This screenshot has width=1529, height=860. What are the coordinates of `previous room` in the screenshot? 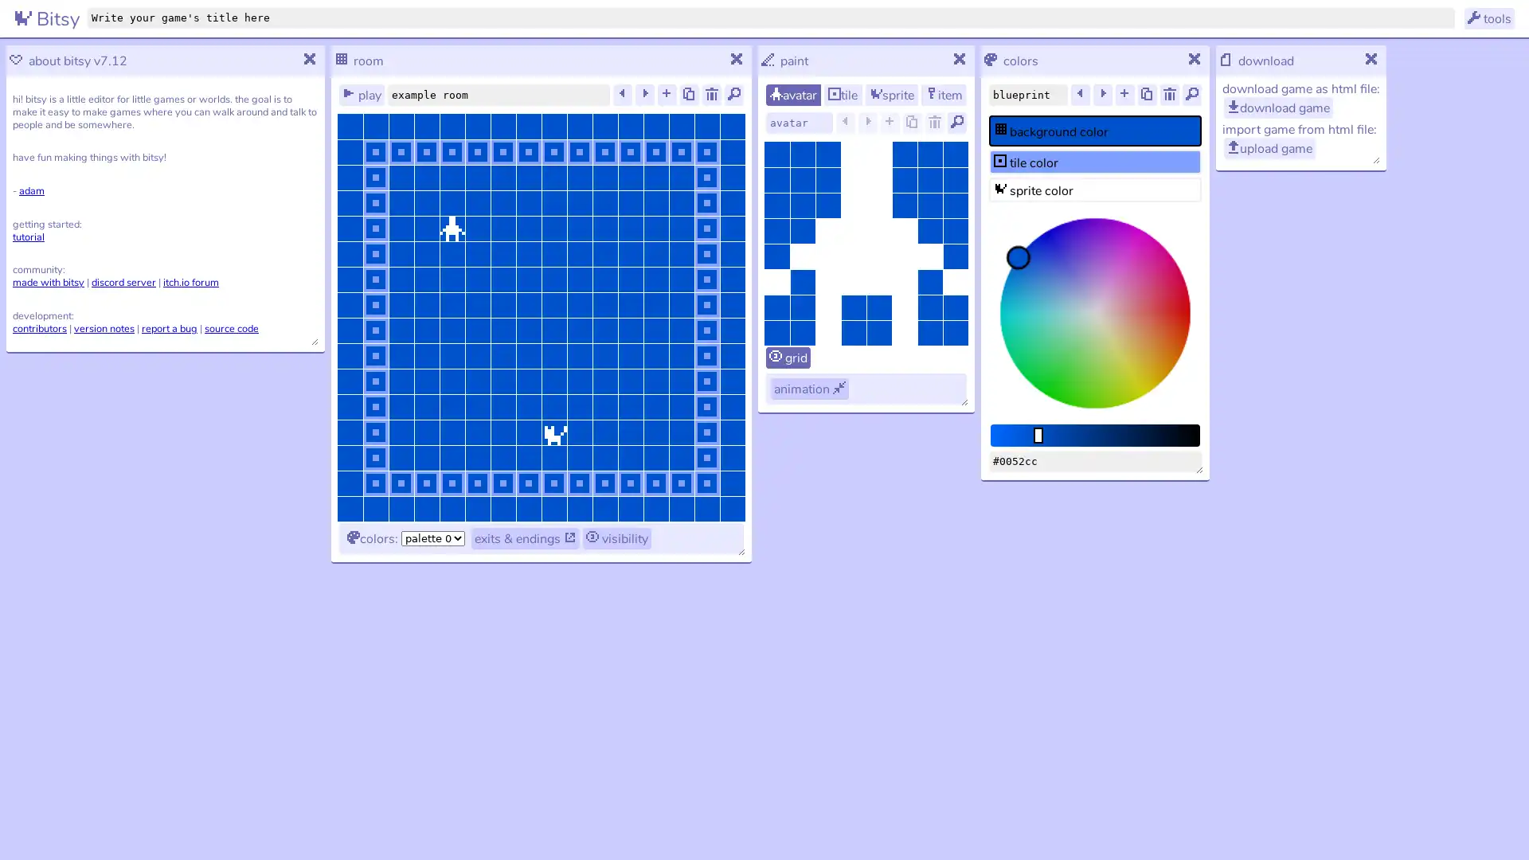 It's located at (622, 95).